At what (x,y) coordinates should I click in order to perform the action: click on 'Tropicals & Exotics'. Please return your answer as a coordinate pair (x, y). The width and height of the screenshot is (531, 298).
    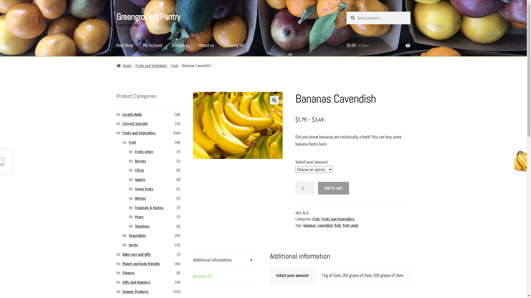
    Looking at the image, I should click on (149, 208).